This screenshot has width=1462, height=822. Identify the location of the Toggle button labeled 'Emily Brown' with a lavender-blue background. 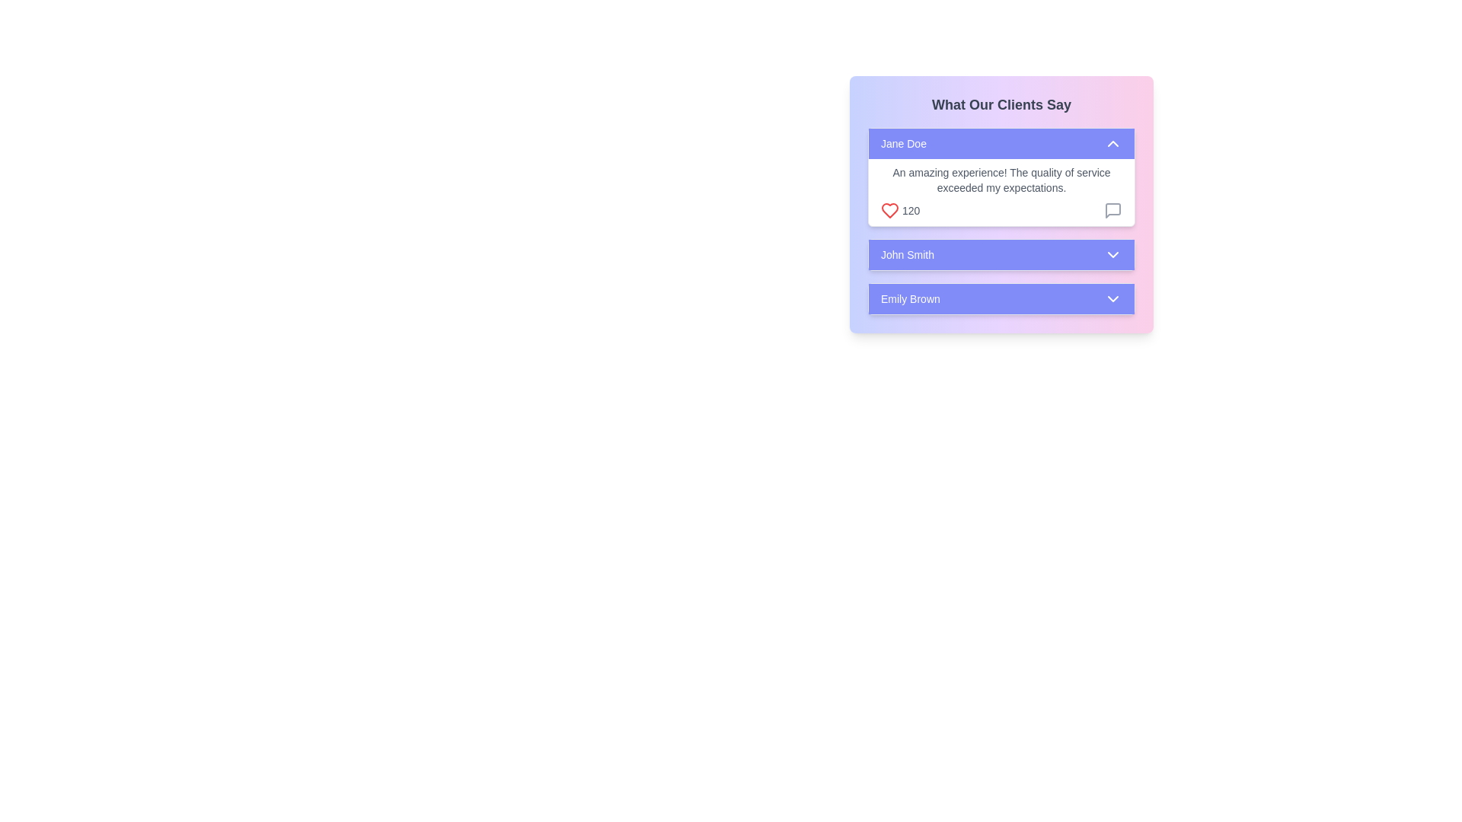
(1001, 299).